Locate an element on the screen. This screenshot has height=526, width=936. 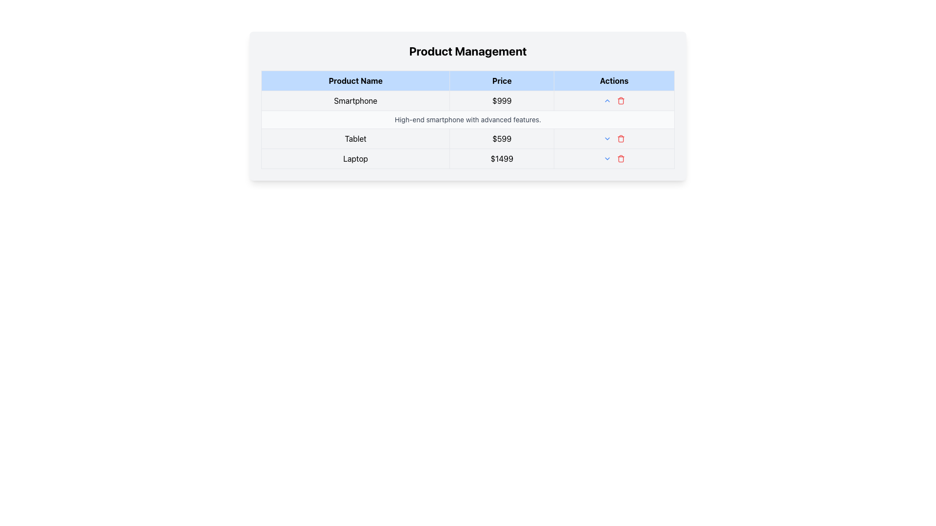
the delete icon button located in the first row of the 'Actions' column aligned with the 'Smartphone' entry is located at coordinates (621, 101).